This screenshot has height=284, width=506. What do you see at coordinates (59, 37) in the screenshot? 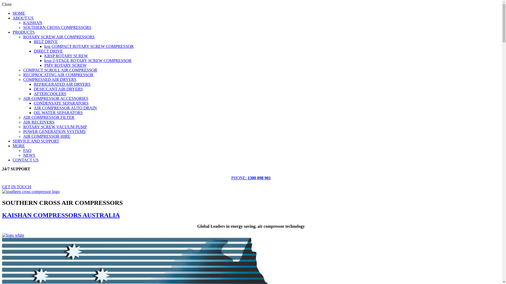
I see `'ROTARY SCREW AIR COMPRESSORS'` at bounding box center [59, 37].